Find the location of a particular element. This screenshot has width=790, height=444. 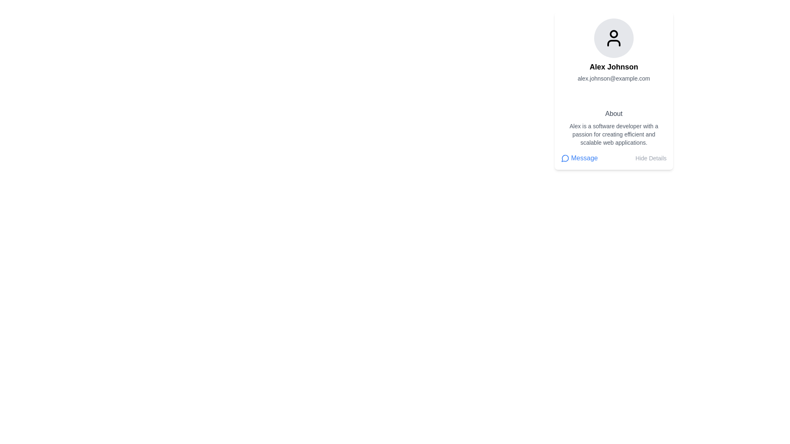

the text block describing Alex, which is styled with a smaller font size and gray color, located under the heading 'About' is located at coordinates (614, 134).